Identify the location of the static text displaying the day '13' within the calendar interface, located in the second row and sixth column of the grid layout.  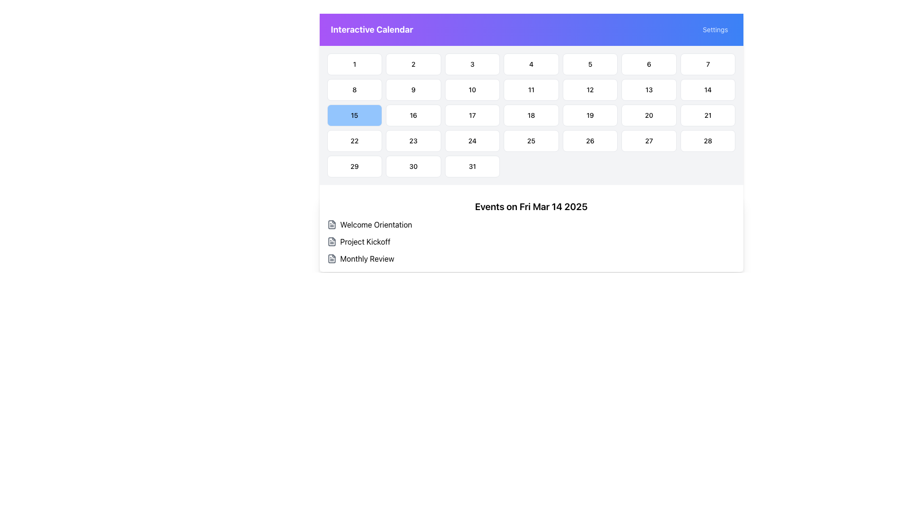
(648, 89).